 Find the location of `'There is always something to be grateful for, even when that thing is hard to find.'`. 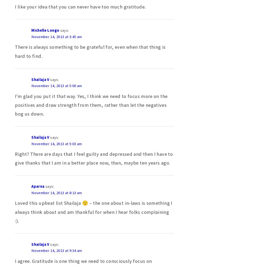

'There is always something to be grateful for, even when that thing is hard to find.' is located at coordinates (90, 51).